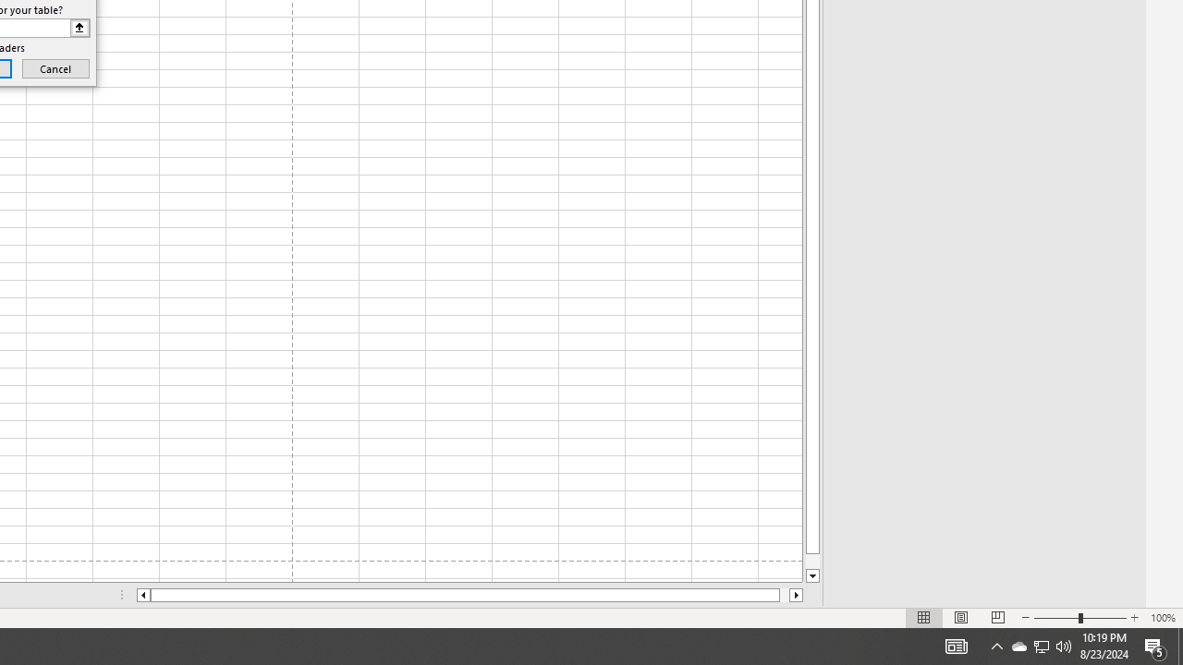  What do you see at coordinates (1056, 618) in the screenshot?
I see `'Zoom Out'` at bounding box center [1056, 618].